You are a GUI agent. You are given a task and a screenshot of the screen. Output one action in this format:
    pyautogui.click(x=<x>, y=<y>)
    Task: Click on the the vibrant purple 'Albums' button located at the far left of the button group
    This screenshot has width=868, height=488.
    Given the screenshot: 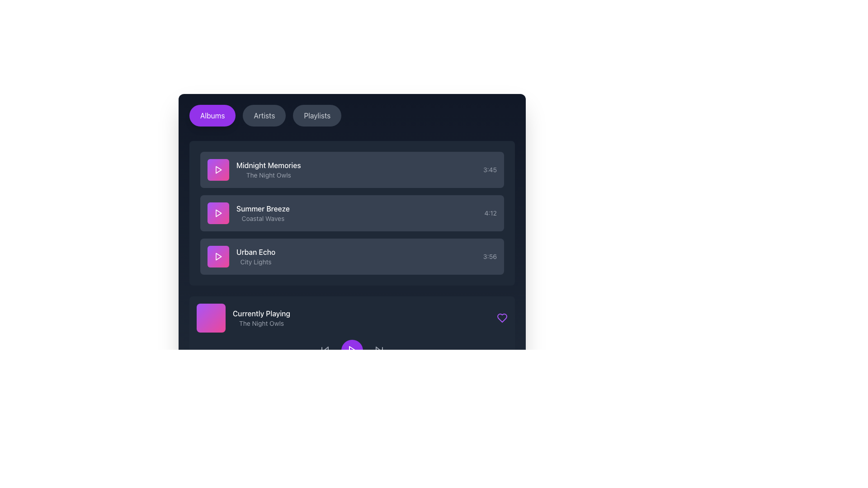 What is the action you would take?
    pyautogui.click(x=212, y=115)
    